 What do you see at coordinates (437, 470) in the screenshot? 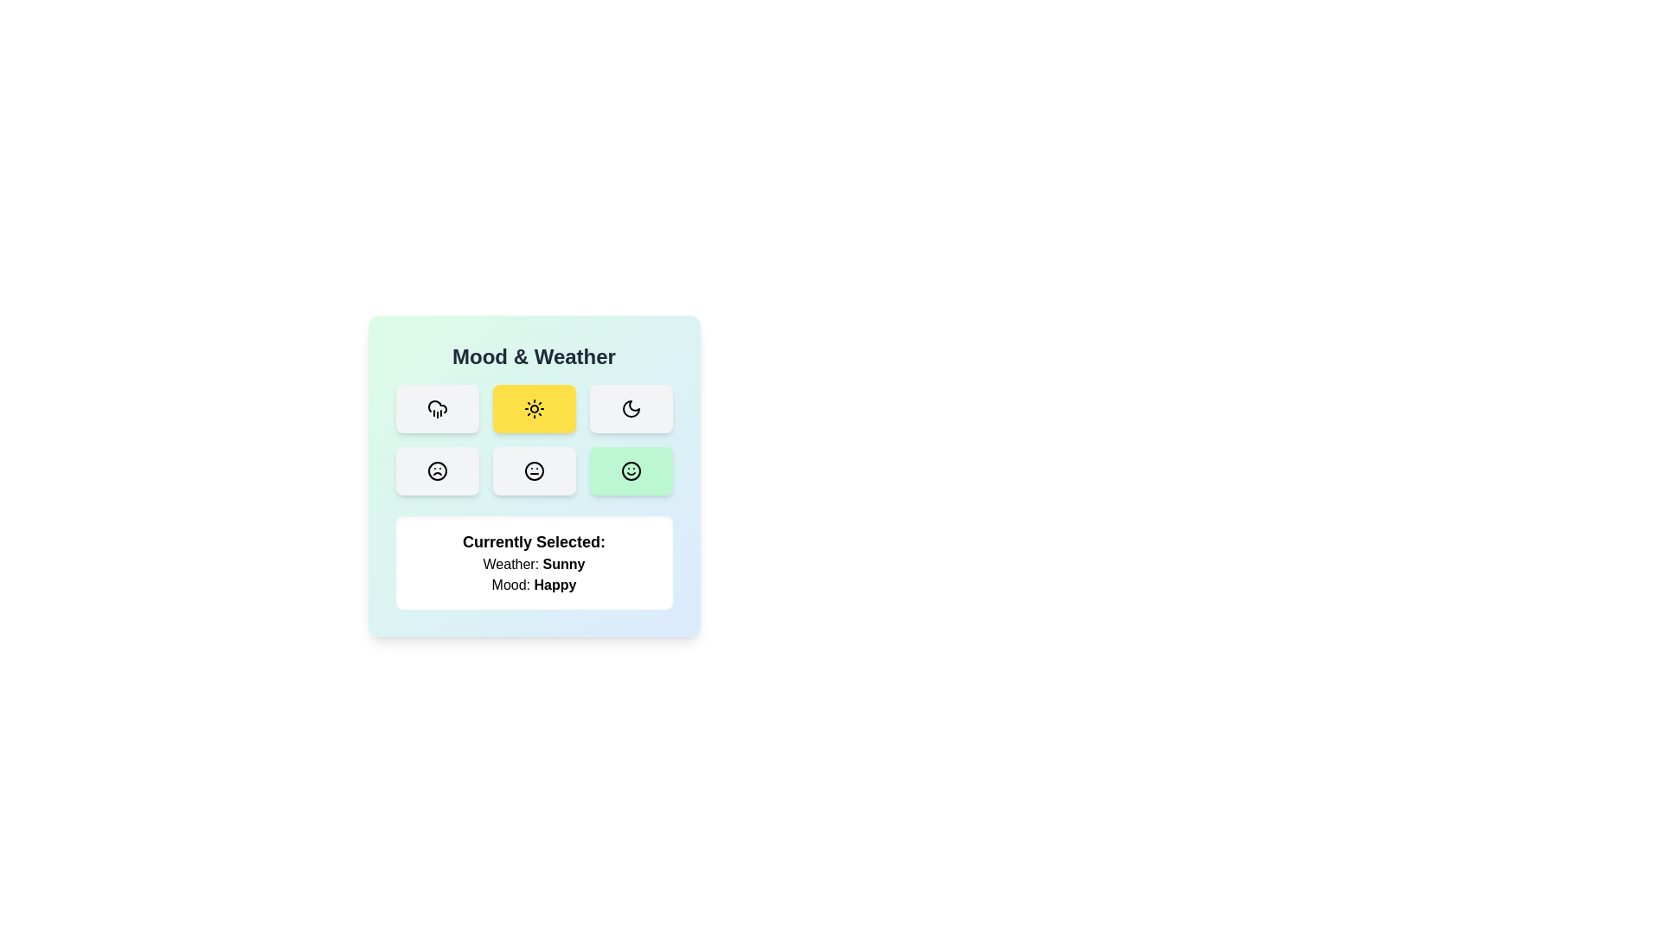
I see `the first button in the second row of a 3x2 grid layout, which has a gray background, black outline, and features a frowning face icon` at bounding box center [437, 470].